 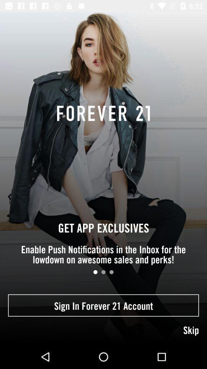 What do you see at coordinates (103, 330) in the screenshot?
I see `item below the sign in forever item` at bounding box center [103, 330].